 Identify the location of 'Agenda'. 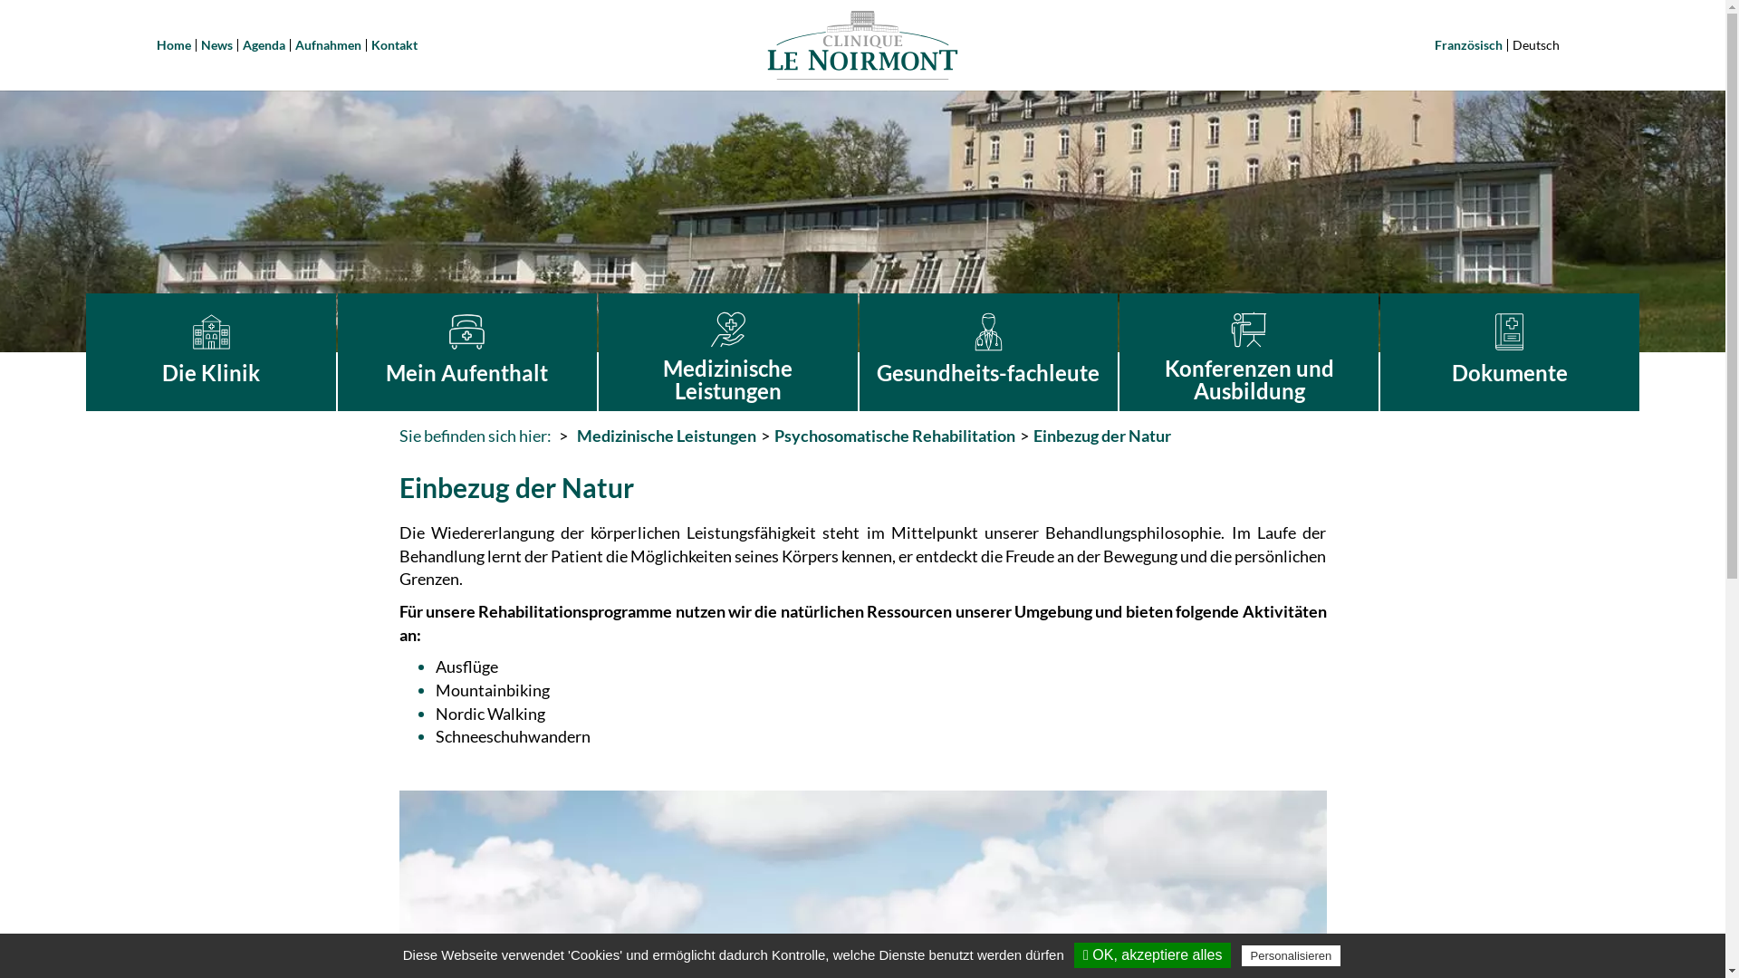
(263, 43).